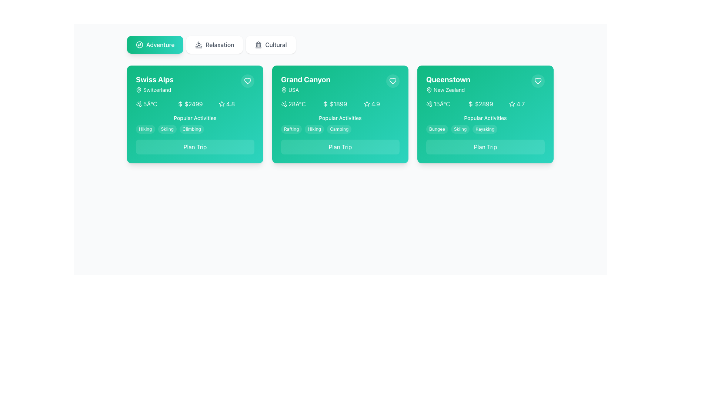 Image resolution: width=711 pixels, height=400 pixels. What do you see at coordinates (284, 104) in the screenshot?
I see `the thermometer icon with a sun motif located to the left of the '28°C' temperature reading in the top-left region of the 'Grand Canyon' information card` at bounding box center [284, 104].